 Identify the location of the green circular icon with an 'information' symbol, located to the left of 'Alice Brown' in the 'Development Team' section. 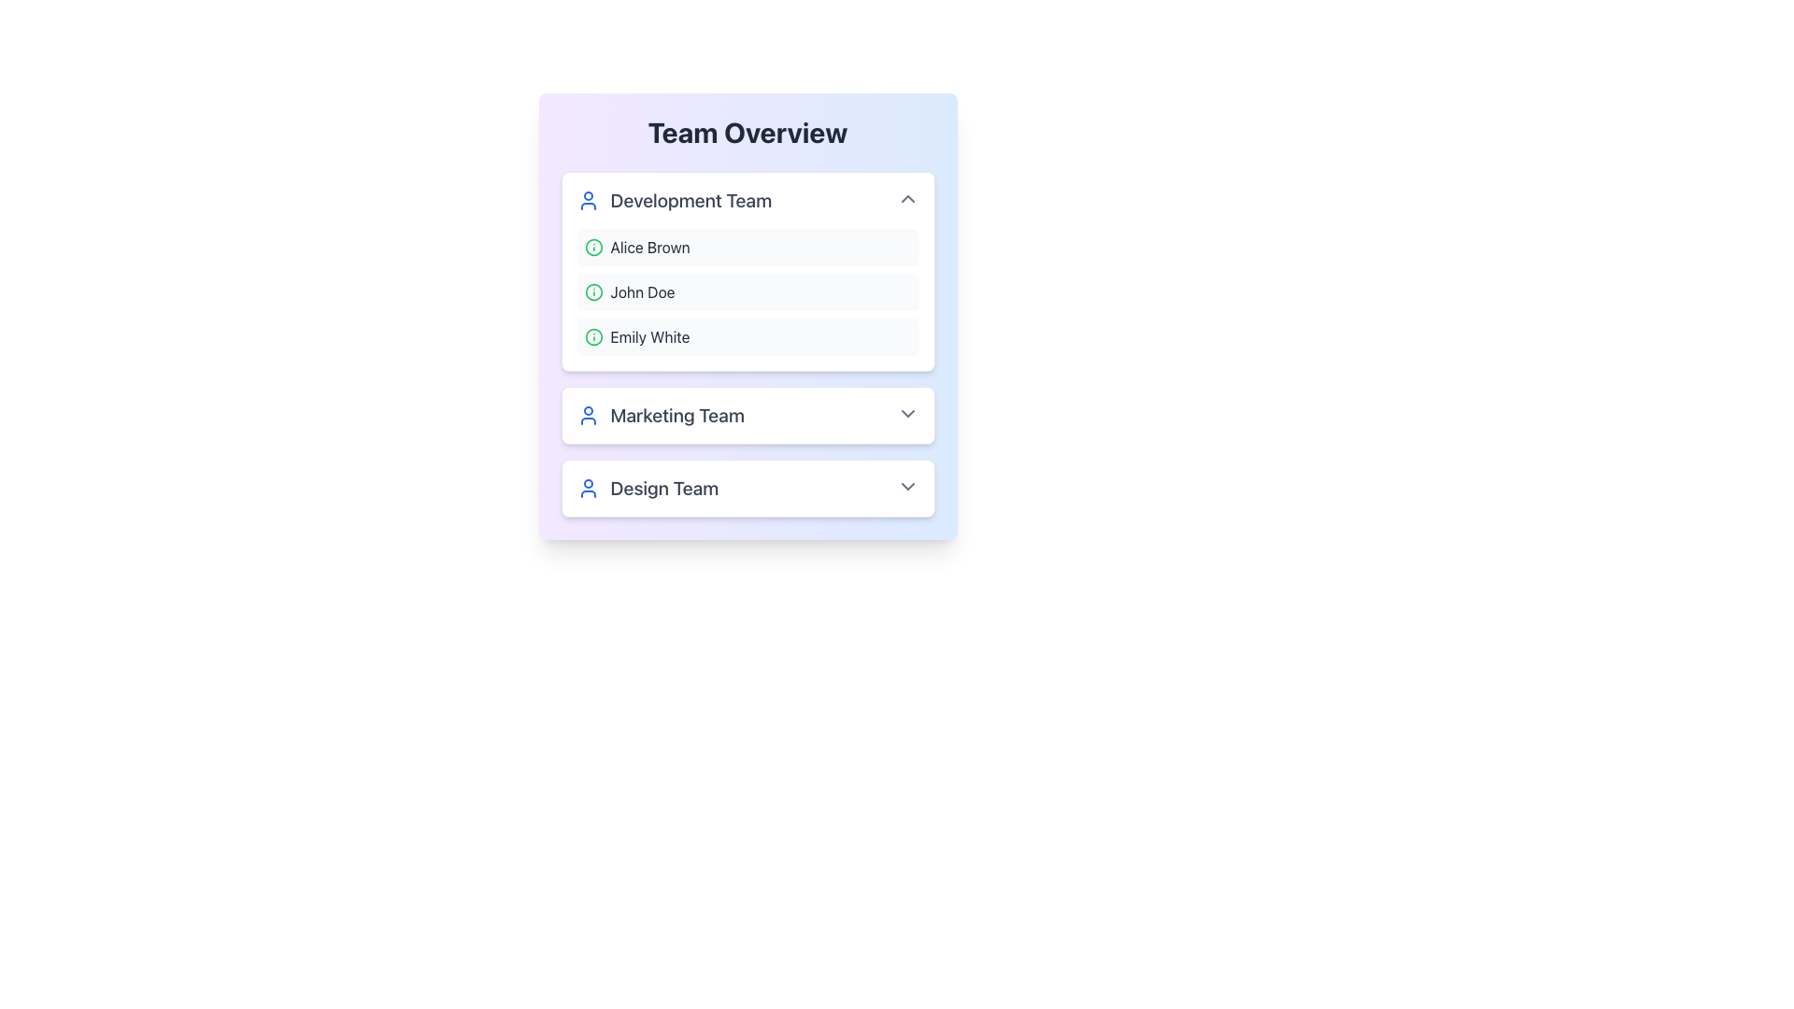
(592, 247).